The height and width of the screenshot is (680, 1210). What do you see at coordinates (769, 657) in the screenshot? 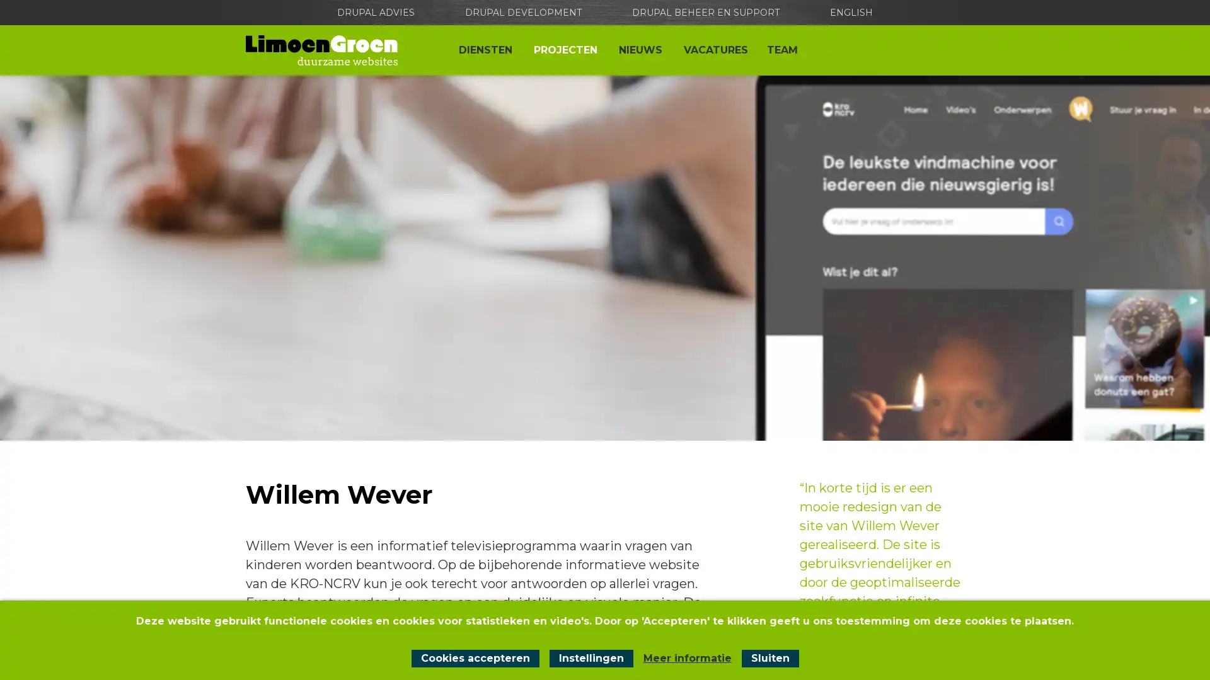
I see `Sluit cookiemelding` at bounding box center [769, 657].